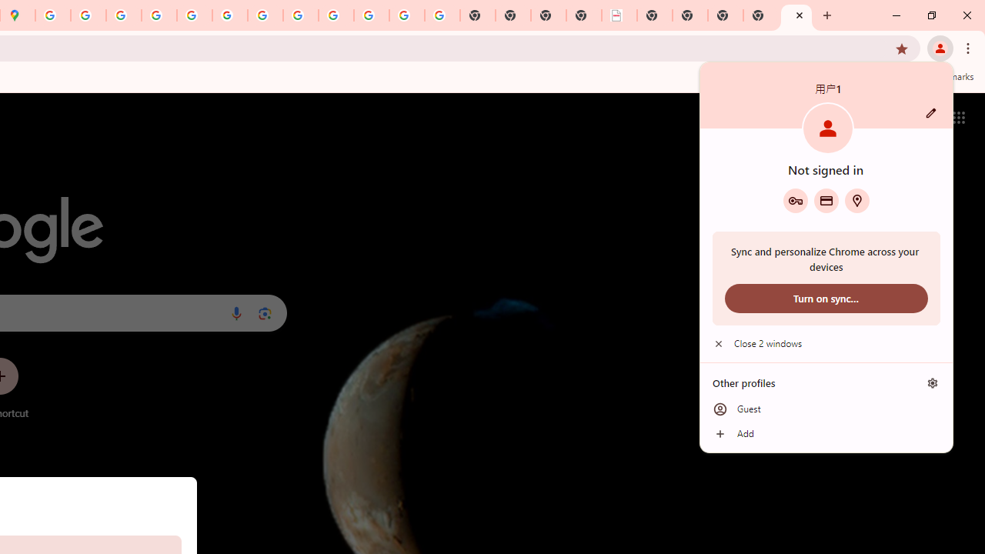  I want to click on 'Addresses and more', so click(856, 200).